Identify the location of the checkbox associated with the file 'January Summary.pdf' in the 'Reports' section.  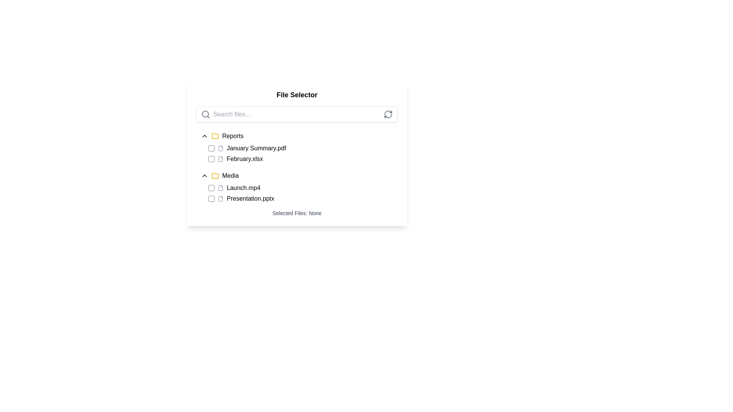
(211, 148).